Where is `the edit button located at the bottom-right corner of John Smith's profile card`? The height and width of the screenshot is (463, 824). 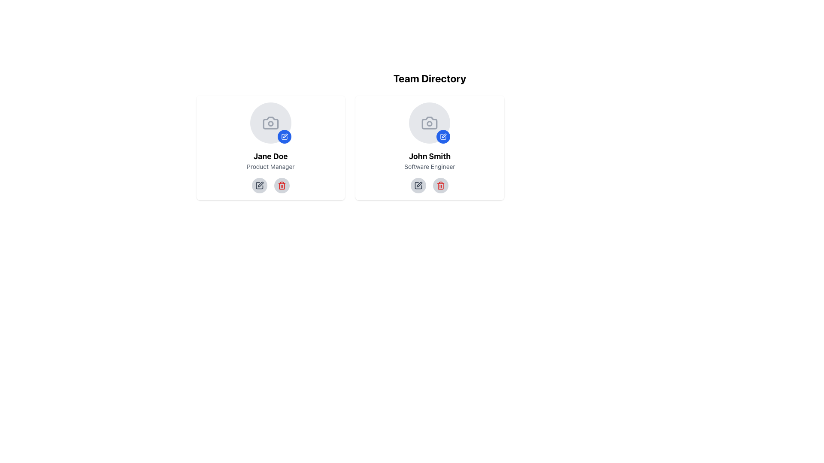
the edit button located at the bottom-right corner of John Smith's profile card is located at coordinates (443, 136).